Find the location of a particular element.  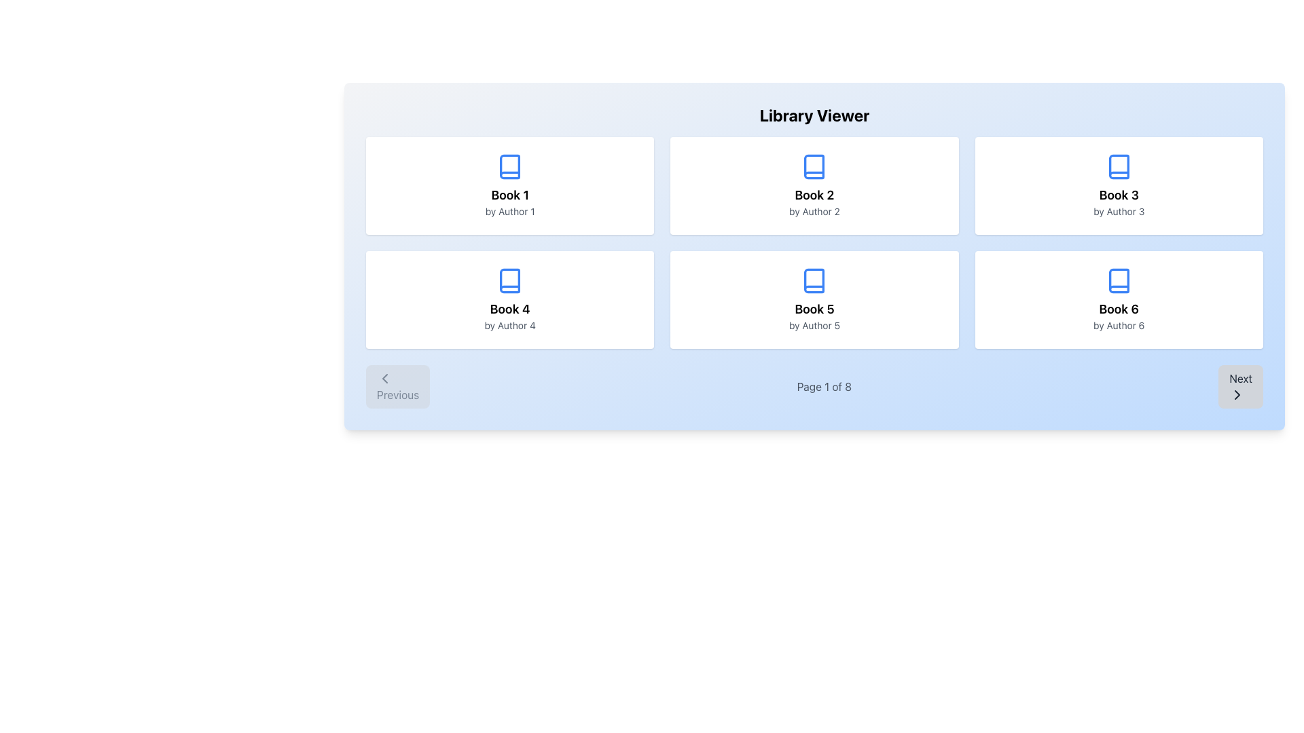

the 'Previous' button located at the bottom left of the interface is located at coordinates (397, 387).